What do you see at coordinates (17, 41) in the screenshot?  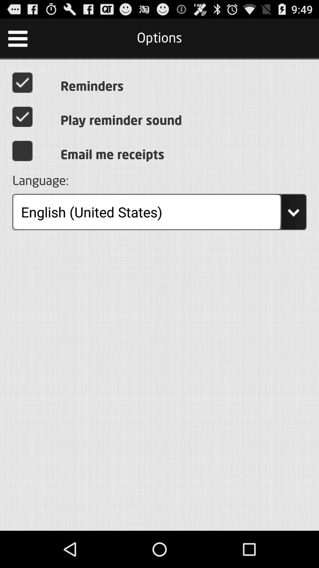 I see `the menu icon` at bounding box center [17, 41].